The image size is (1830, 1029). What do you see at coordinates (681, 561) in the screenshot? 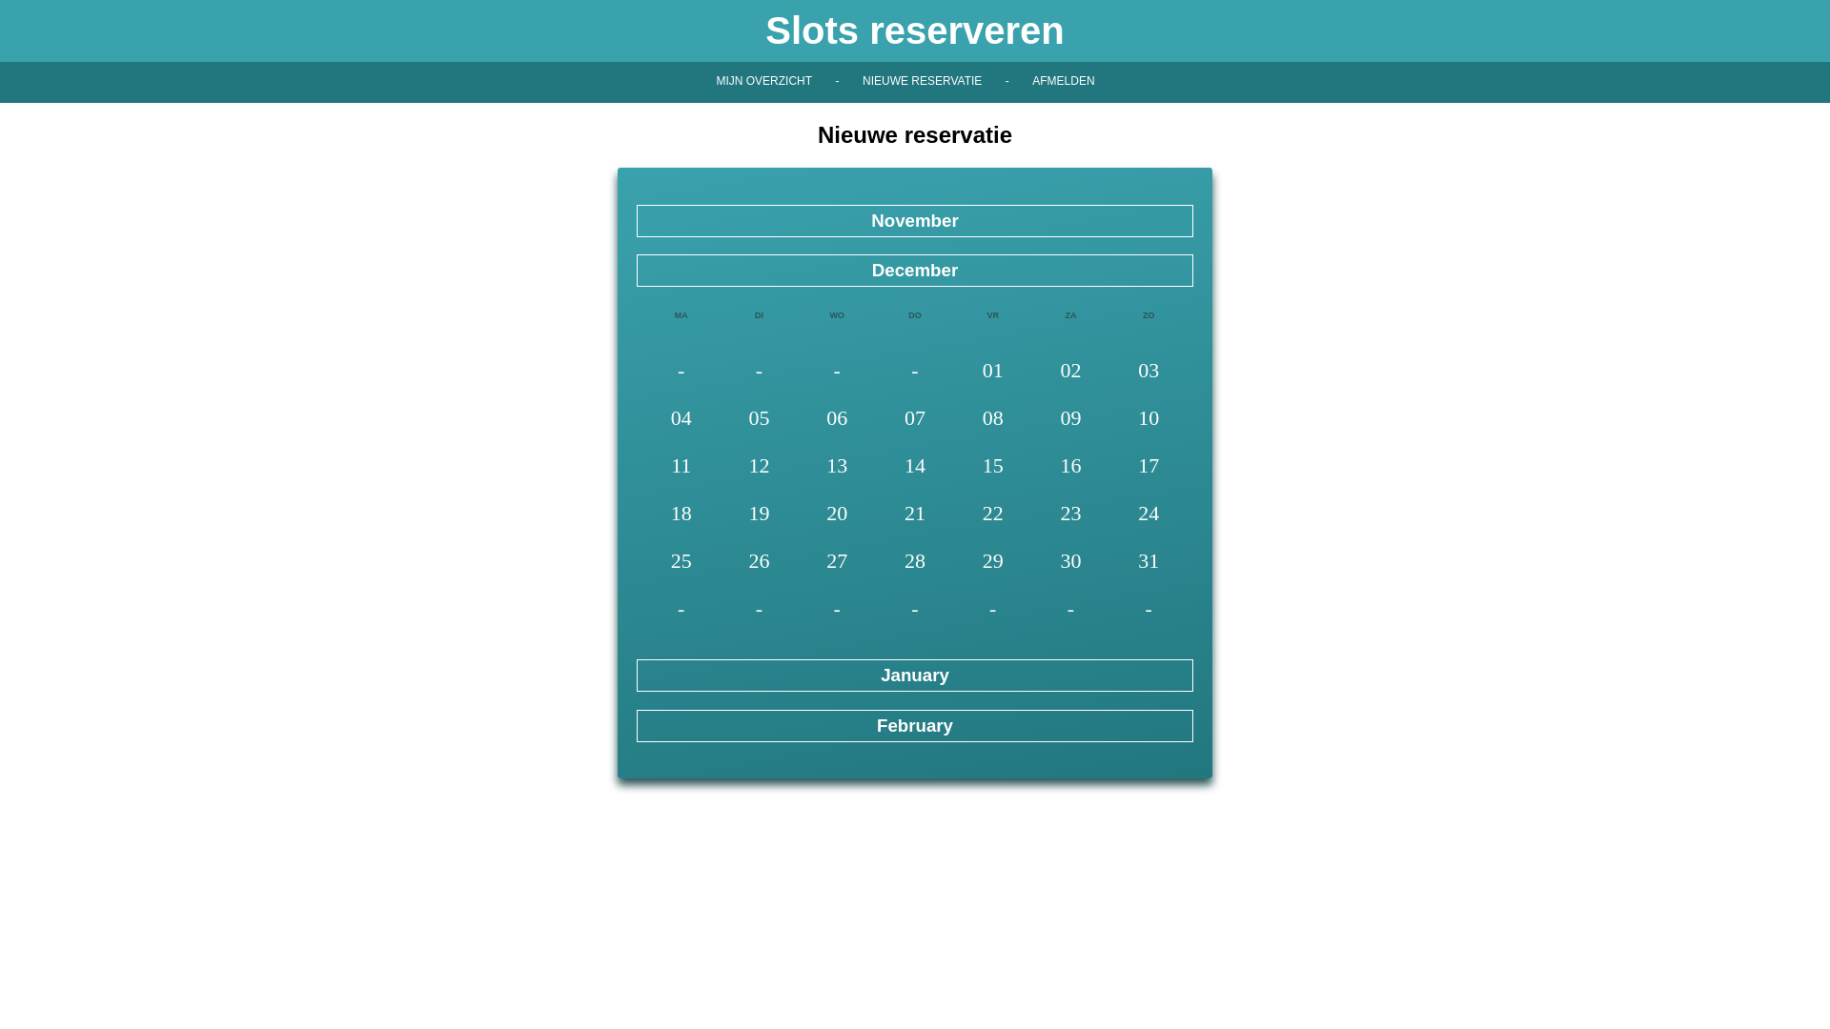
I see `'25'` at bounding box center [681, 561].